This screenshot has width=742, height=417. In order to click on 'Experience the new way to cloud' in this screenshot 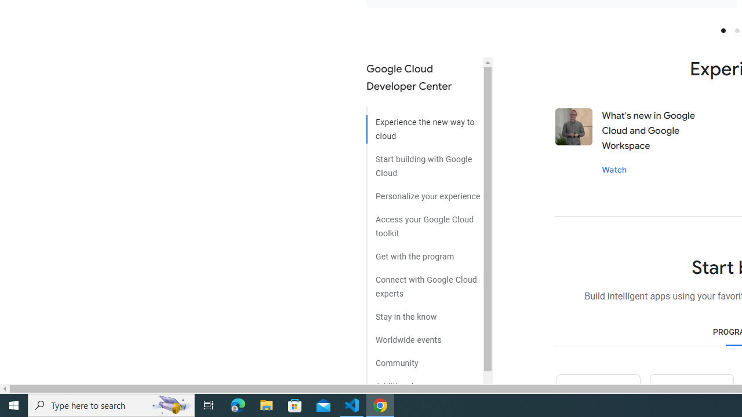, I will do `click(424, 125)`.